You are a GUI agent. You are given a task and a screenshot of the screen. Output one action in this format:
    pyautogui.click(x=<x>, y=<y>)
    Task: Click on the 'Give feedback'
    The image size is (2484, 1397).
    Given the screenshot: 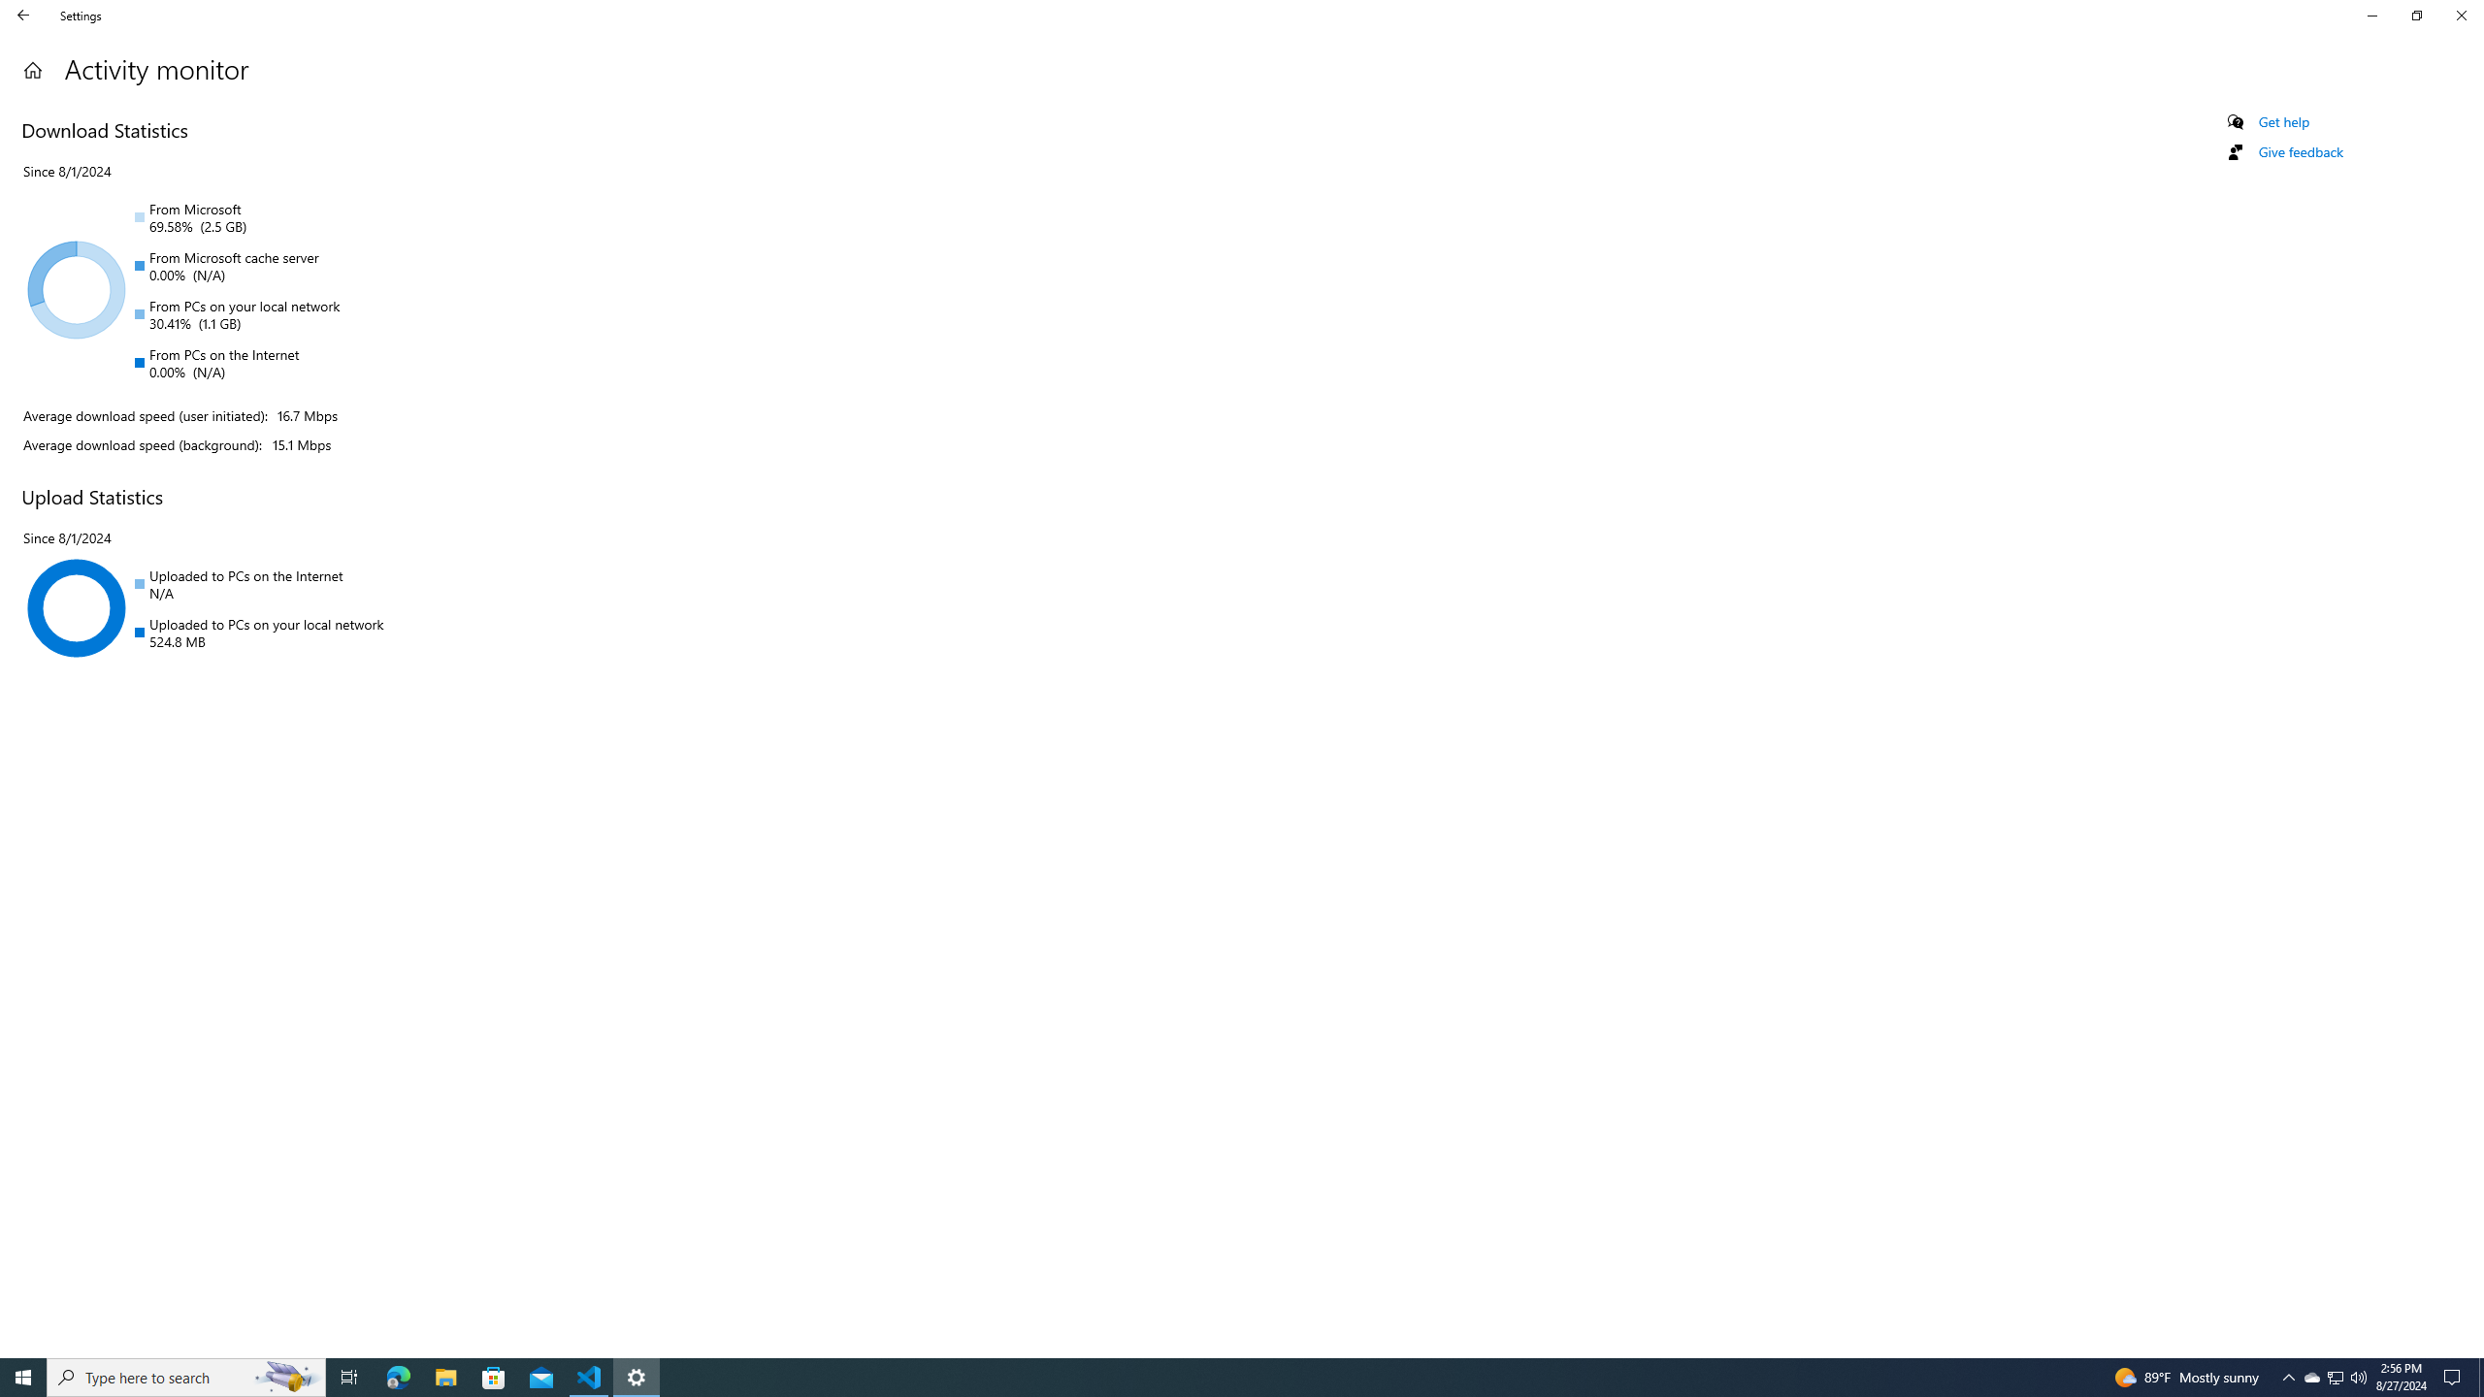 What is the action you would take?
    pyautogui.click(x=2299, y=151)
    